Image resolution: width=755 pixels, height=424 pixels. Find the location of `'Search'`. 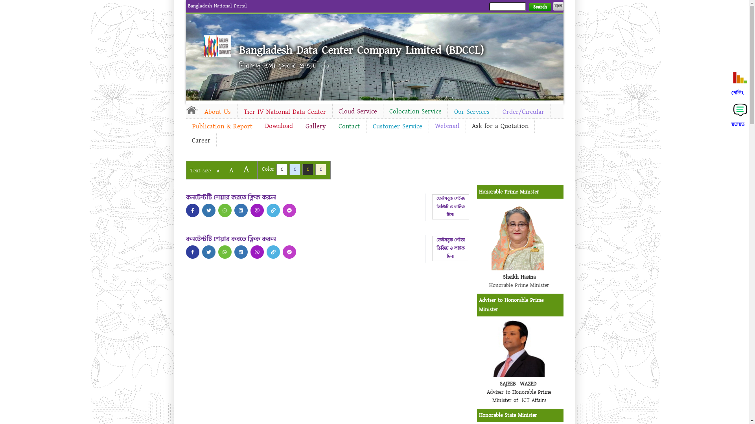

'Search' is located at coordinates (539, 7).